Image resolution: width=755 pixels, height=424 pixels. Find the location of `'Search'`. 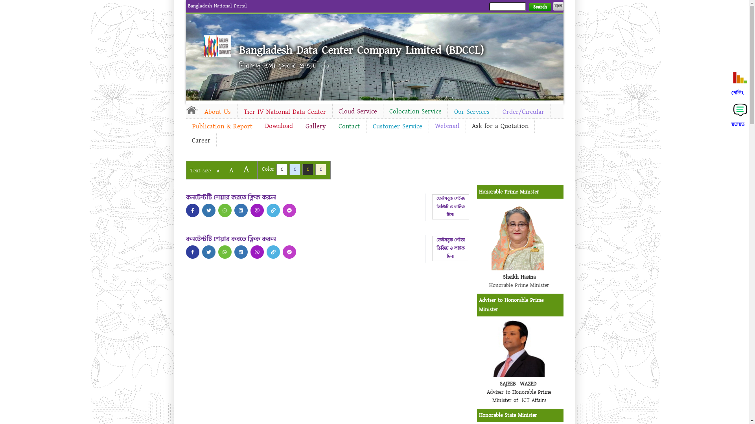

'Search' is located at coordinates (539, 7).